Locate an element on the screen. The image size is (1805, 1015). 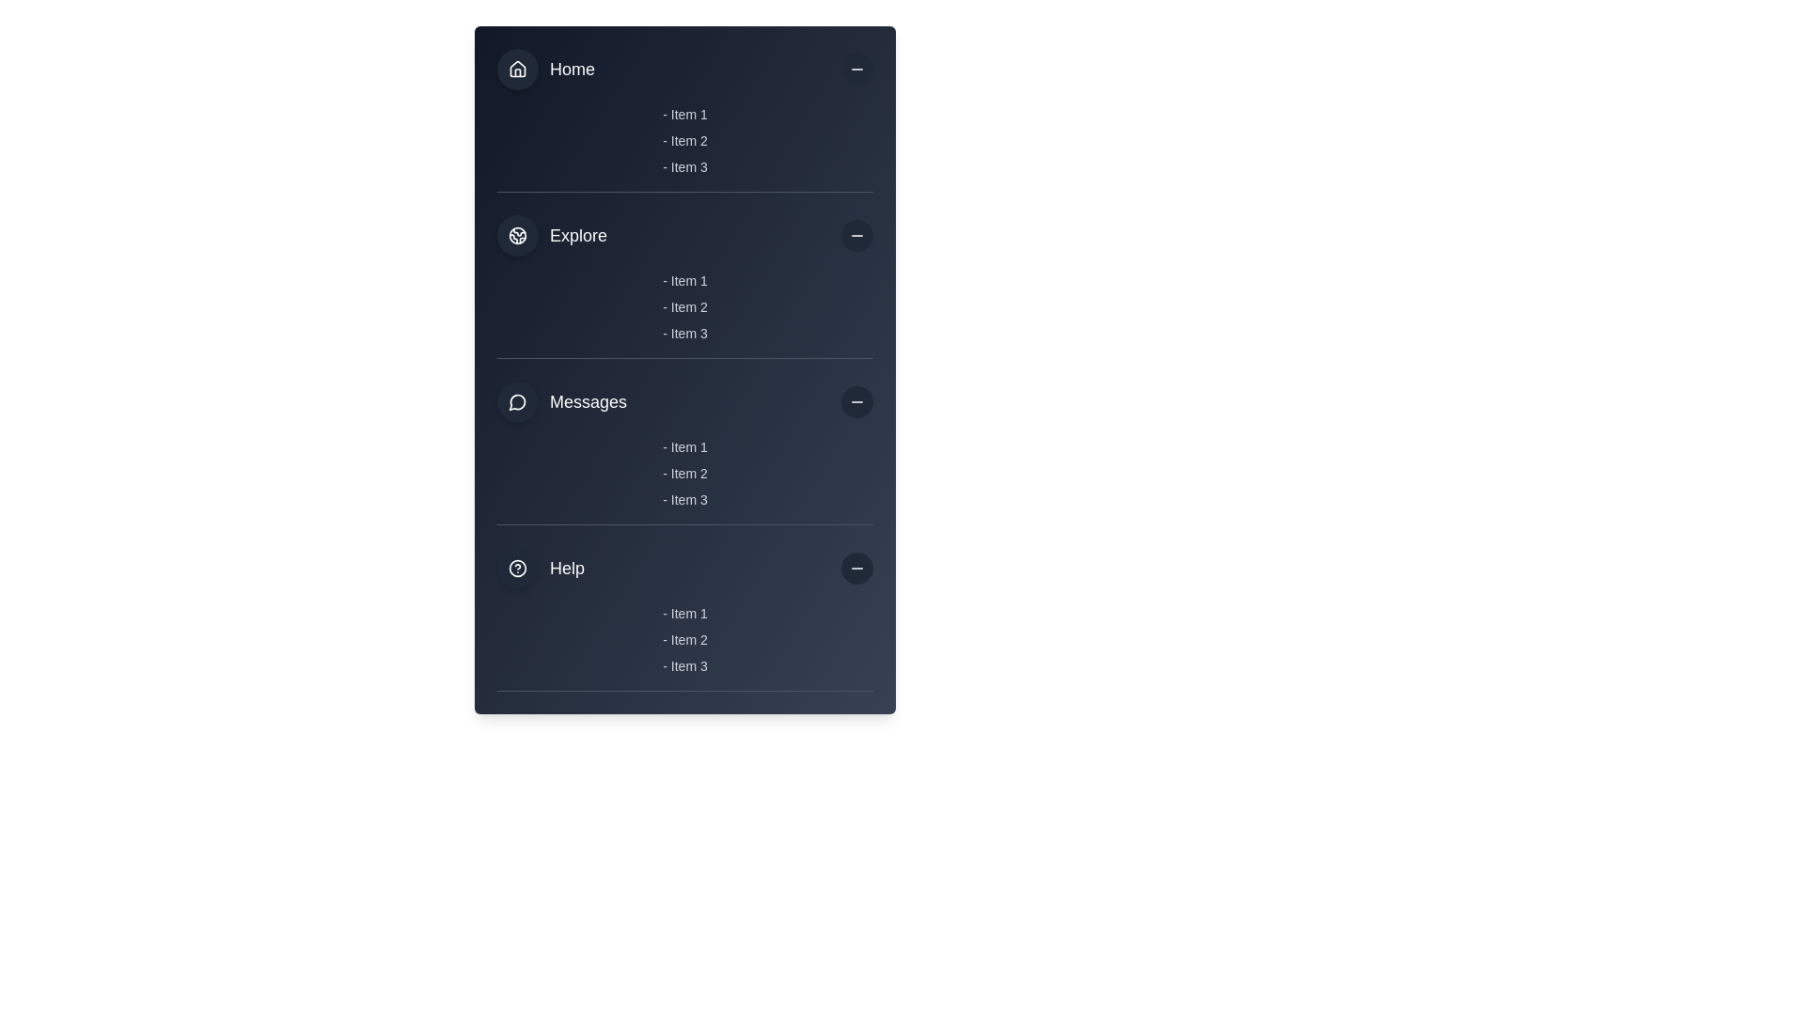
the 'Home' icon located at the top of the vertical menu layout, positioned to the left of the 'Home' label is located at coordinates (518, 68).